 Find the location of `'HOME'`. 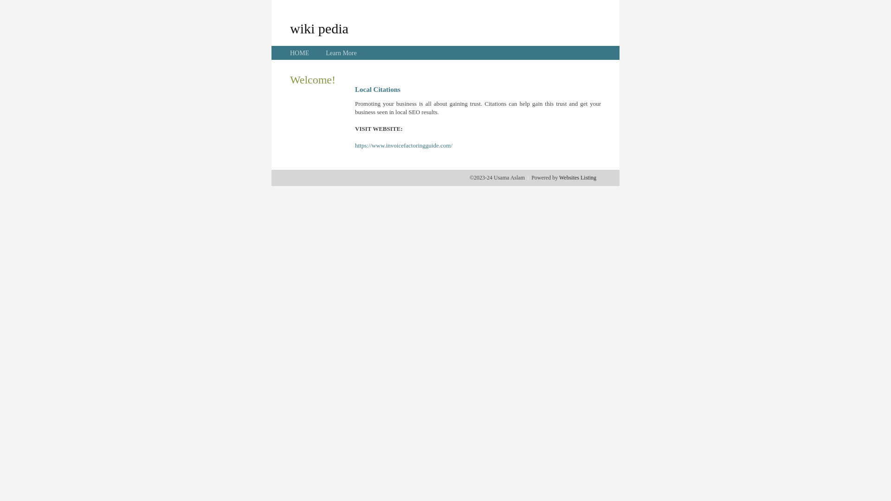

'HOME' is located at coordinates (289, 53).